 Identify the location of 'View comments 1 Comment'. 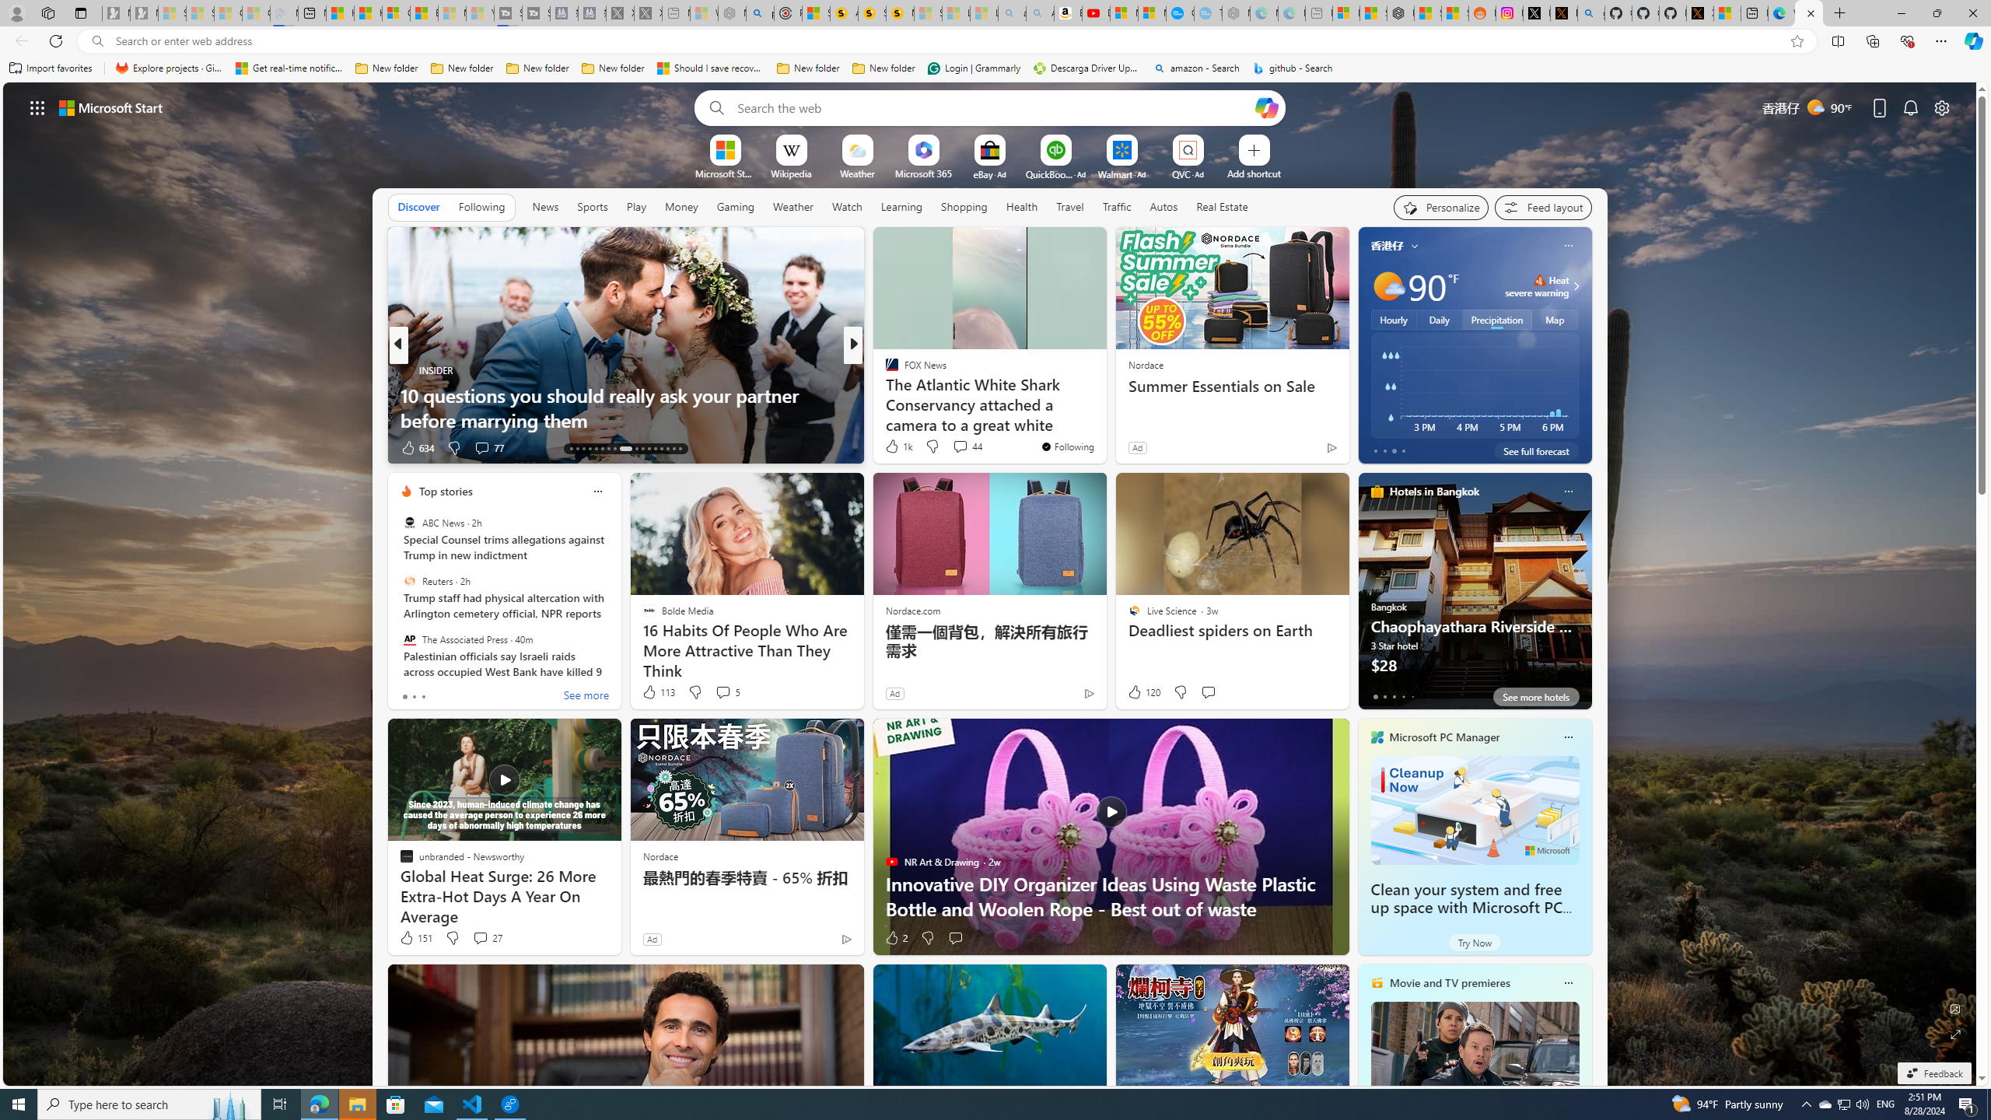
(961, 446).